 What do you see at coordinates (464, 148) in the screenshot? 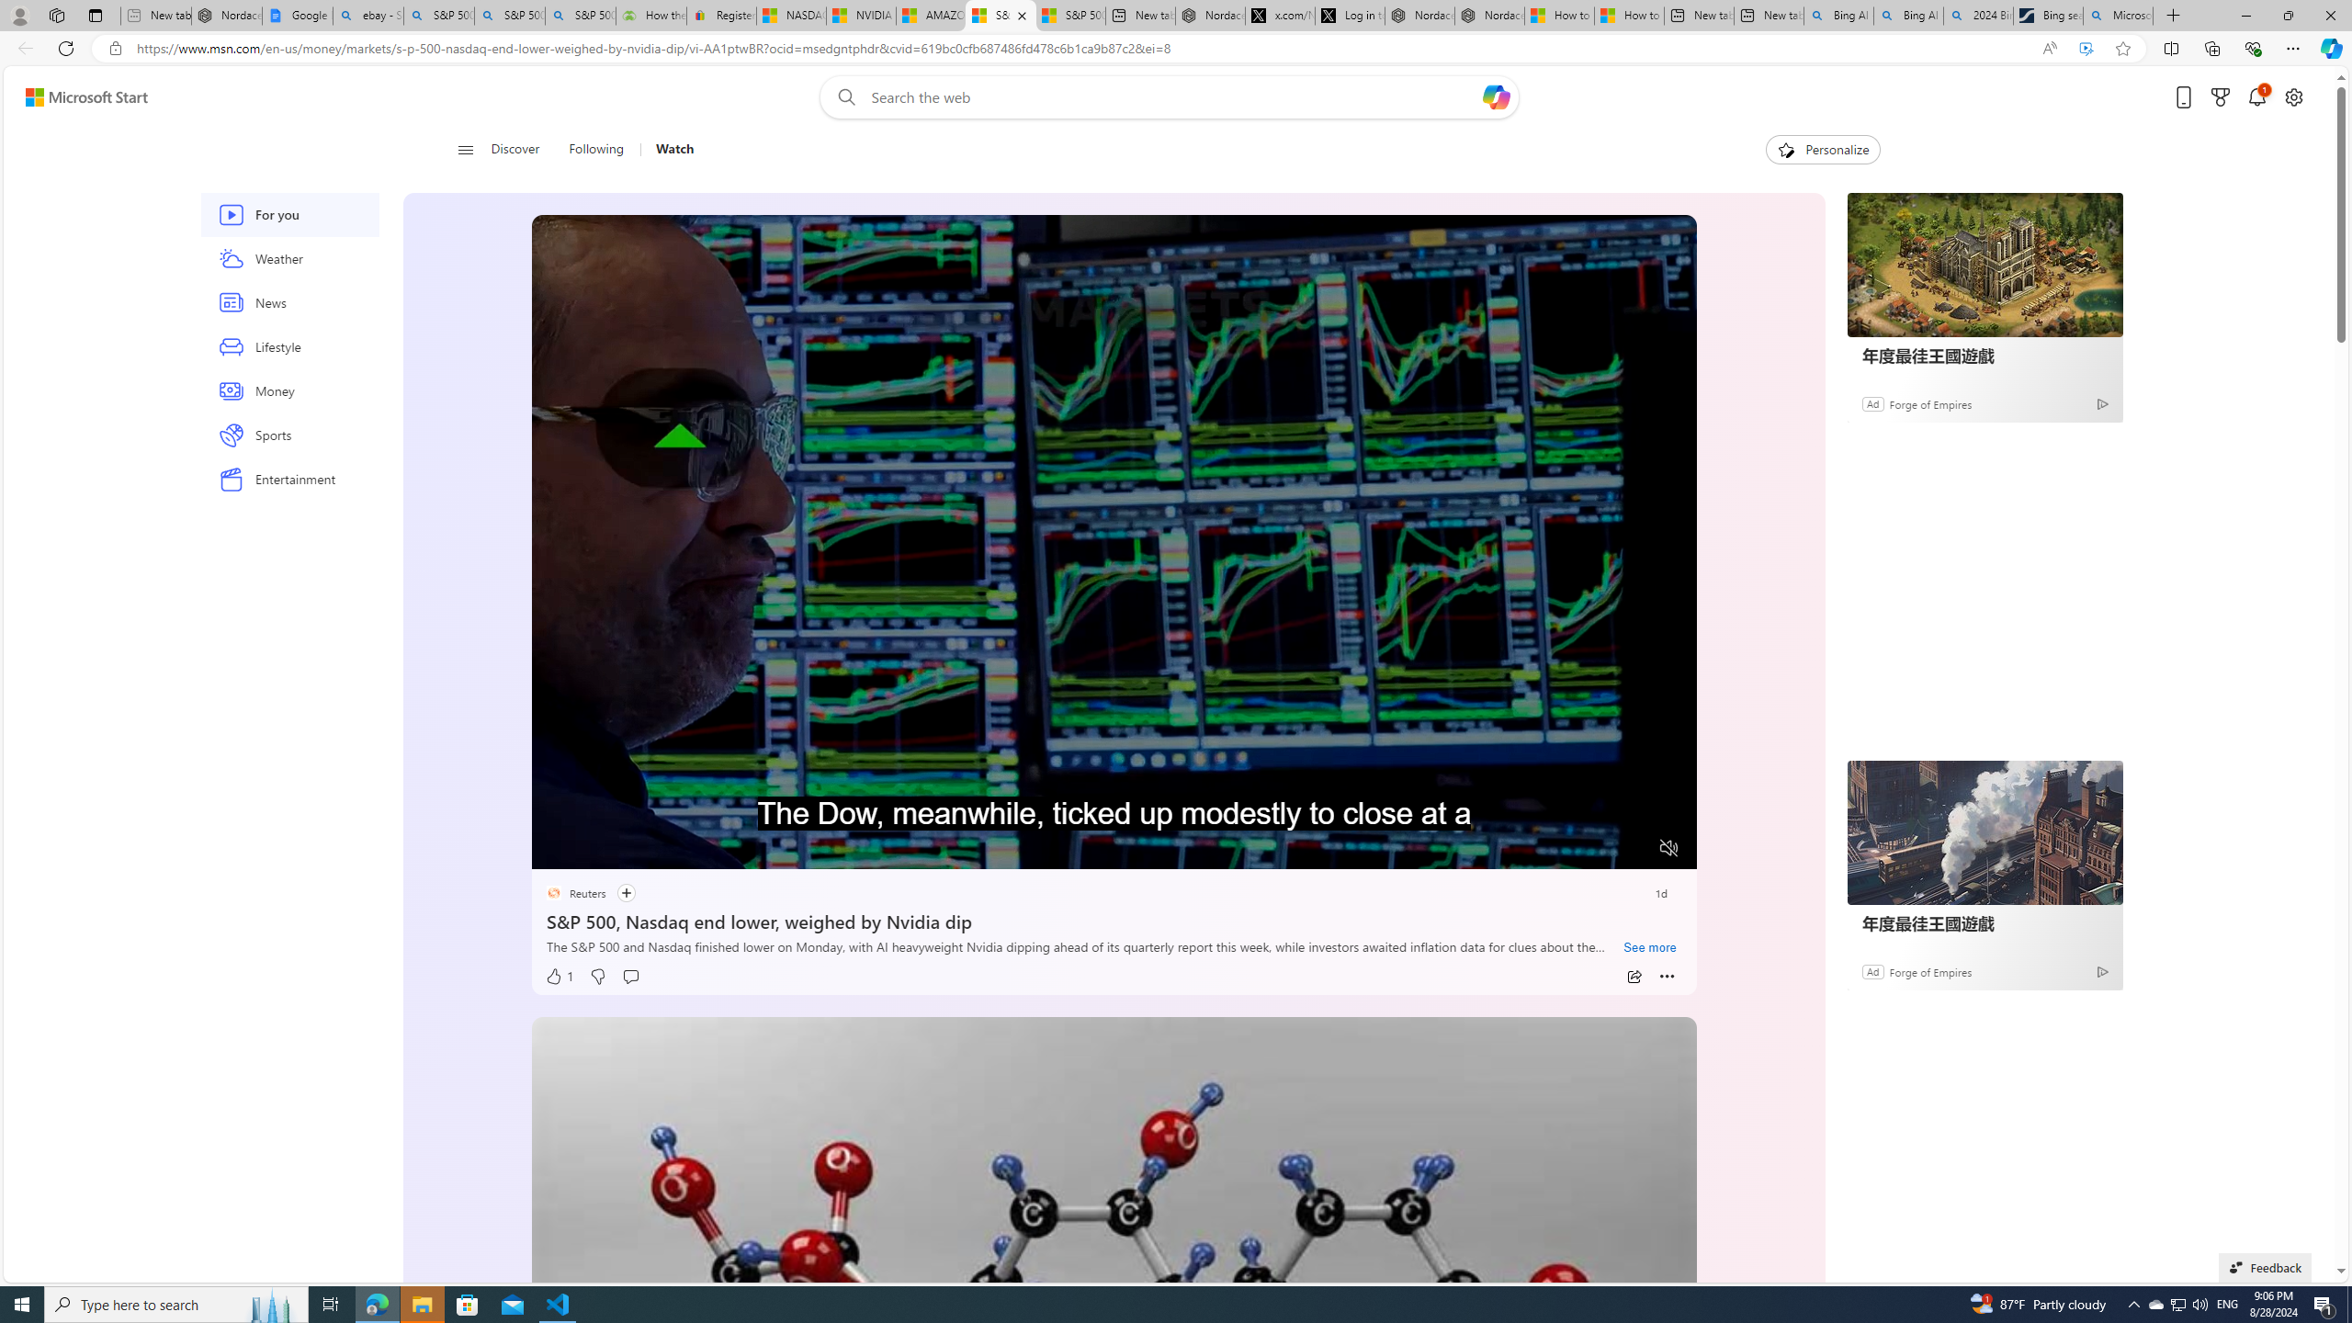
I see `'Open navigation menu'` at bounding box center [464, 148].